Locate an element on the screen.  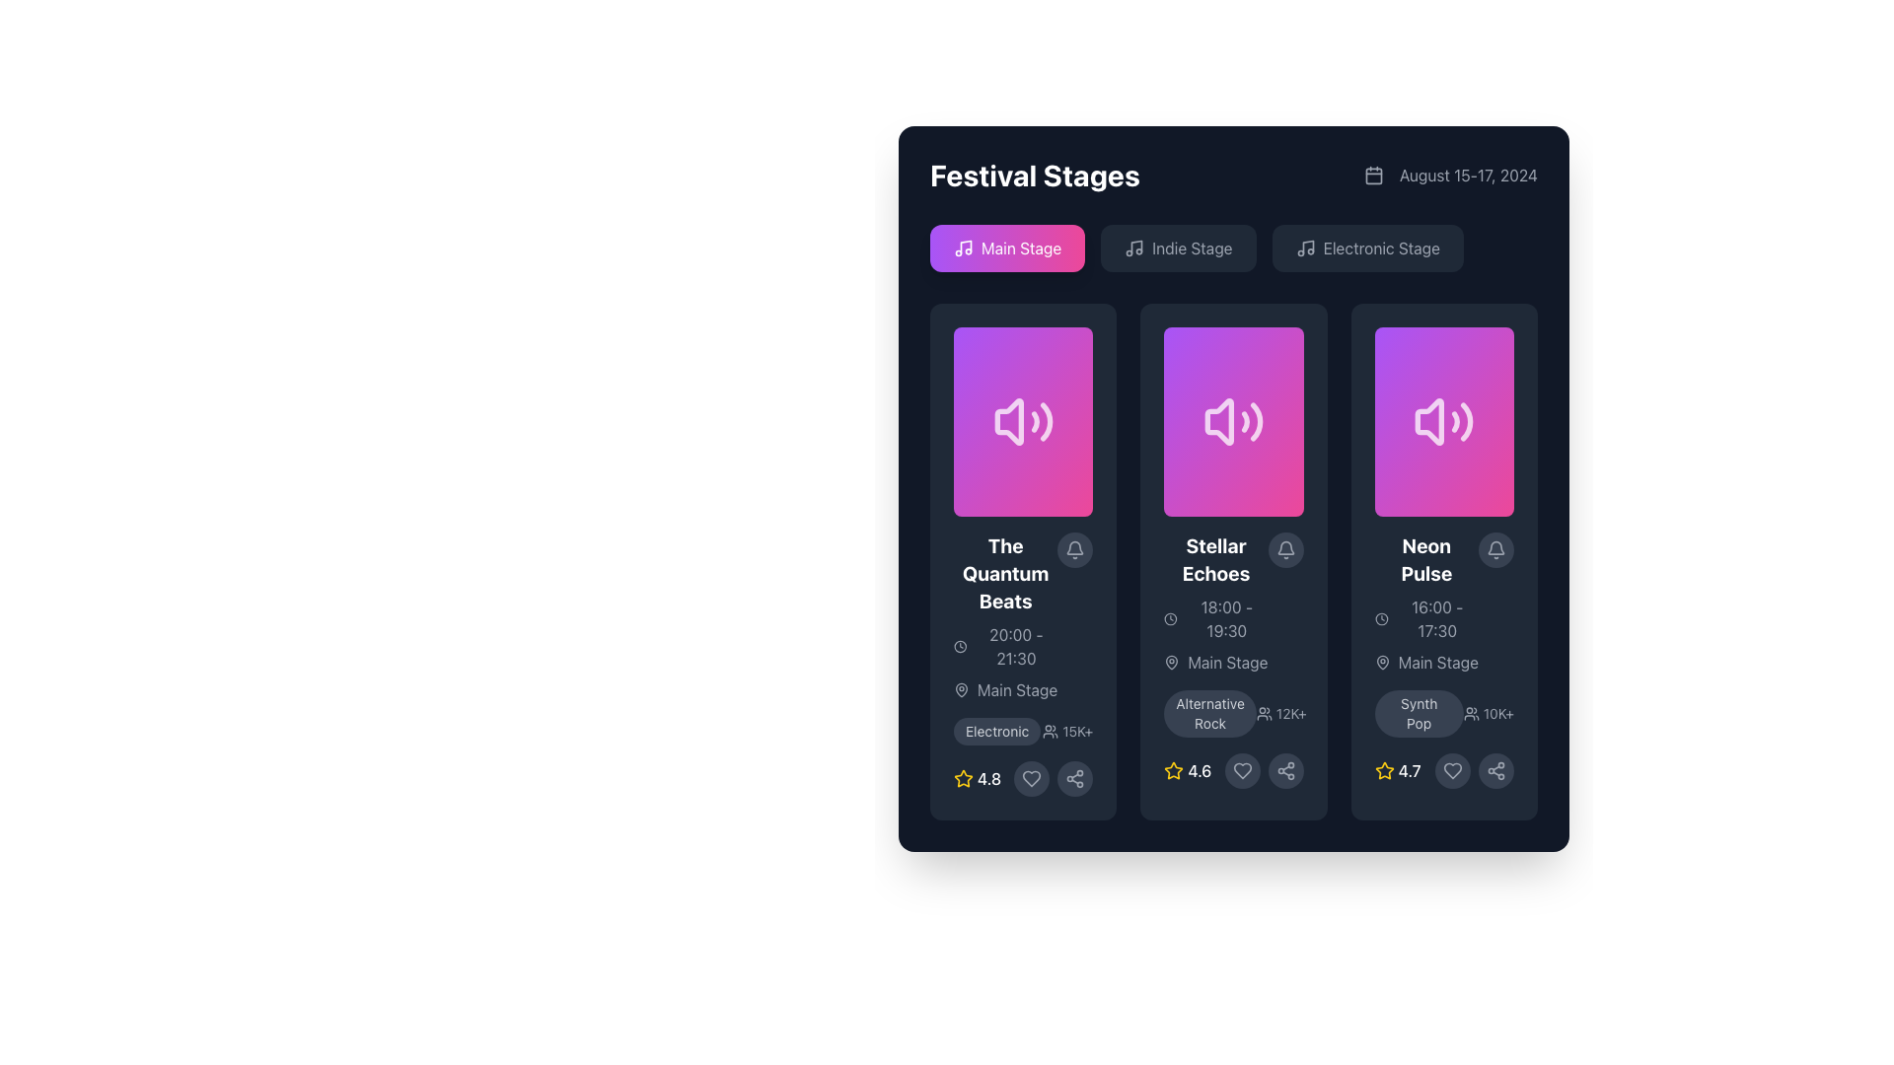
the audio icon located in the second card from the left in the middle row under the 'Festival Stages' section is located at coordinates (1233, 421).